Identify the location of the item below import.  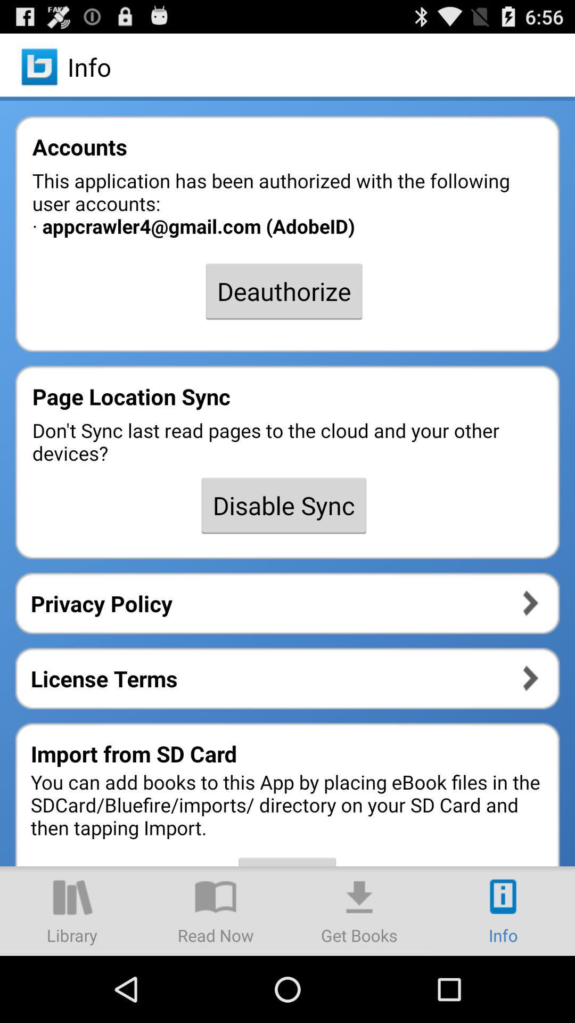
(359, 910).